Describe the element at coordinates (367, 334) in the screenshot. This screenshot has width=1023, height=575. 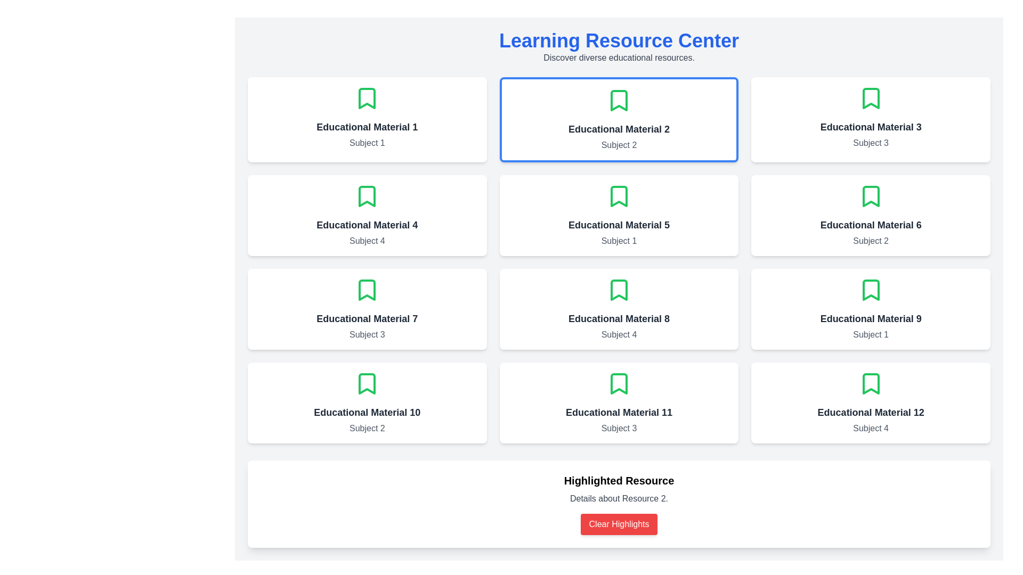
I see `the text label displaying 'Subject 3', which is styled with gray text and is center-aligned, located below the title 'Educational Material 7'` at that location.